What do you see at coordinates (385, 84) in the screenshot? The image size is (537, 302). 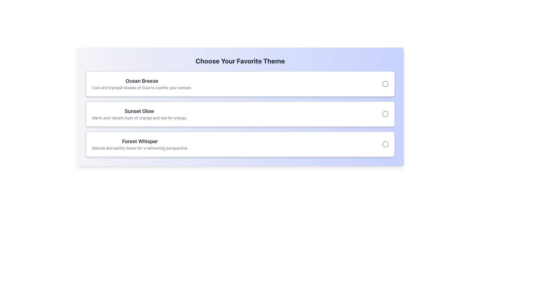 I see `the radio button located to the right of the text 'Ocean Breeze'` at bounding box center [385, 84].